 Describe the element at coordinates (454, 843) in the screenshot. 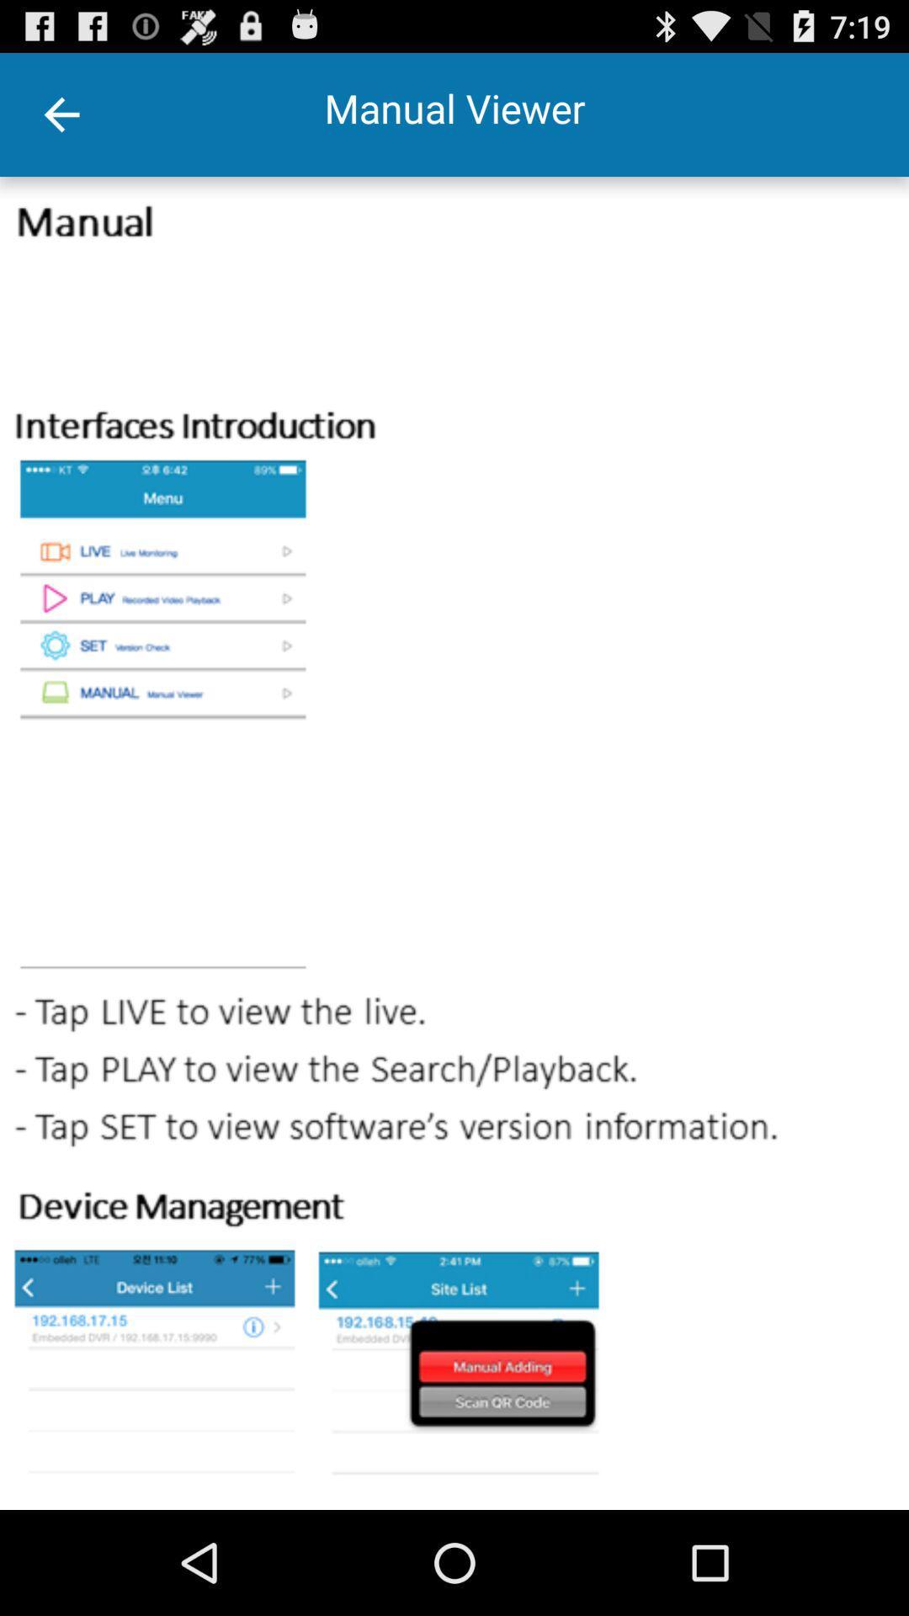

I see `advertisement` at that location.